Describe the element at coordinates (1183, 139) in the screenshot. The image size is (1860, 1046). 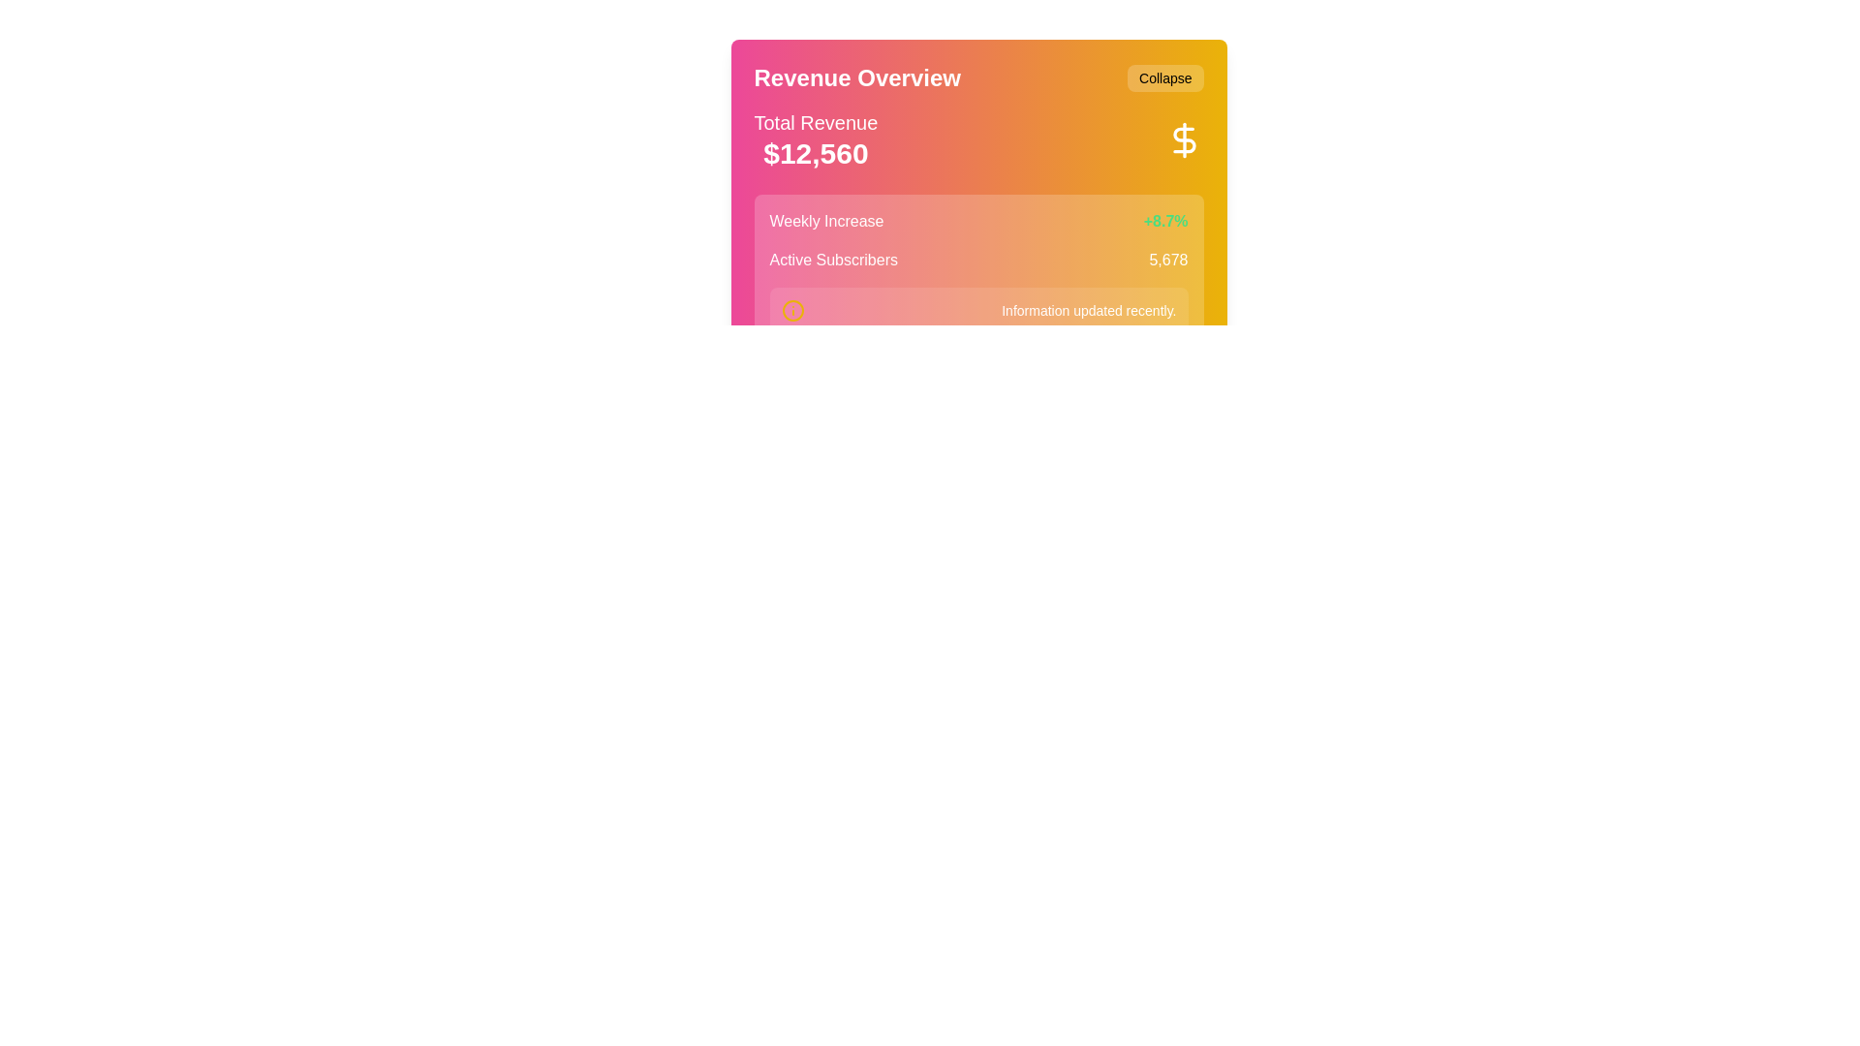
I see `the revenue icon located in the top-right section of the card-like interface, next to the 'Total Revenue $12,560' text` at that location.